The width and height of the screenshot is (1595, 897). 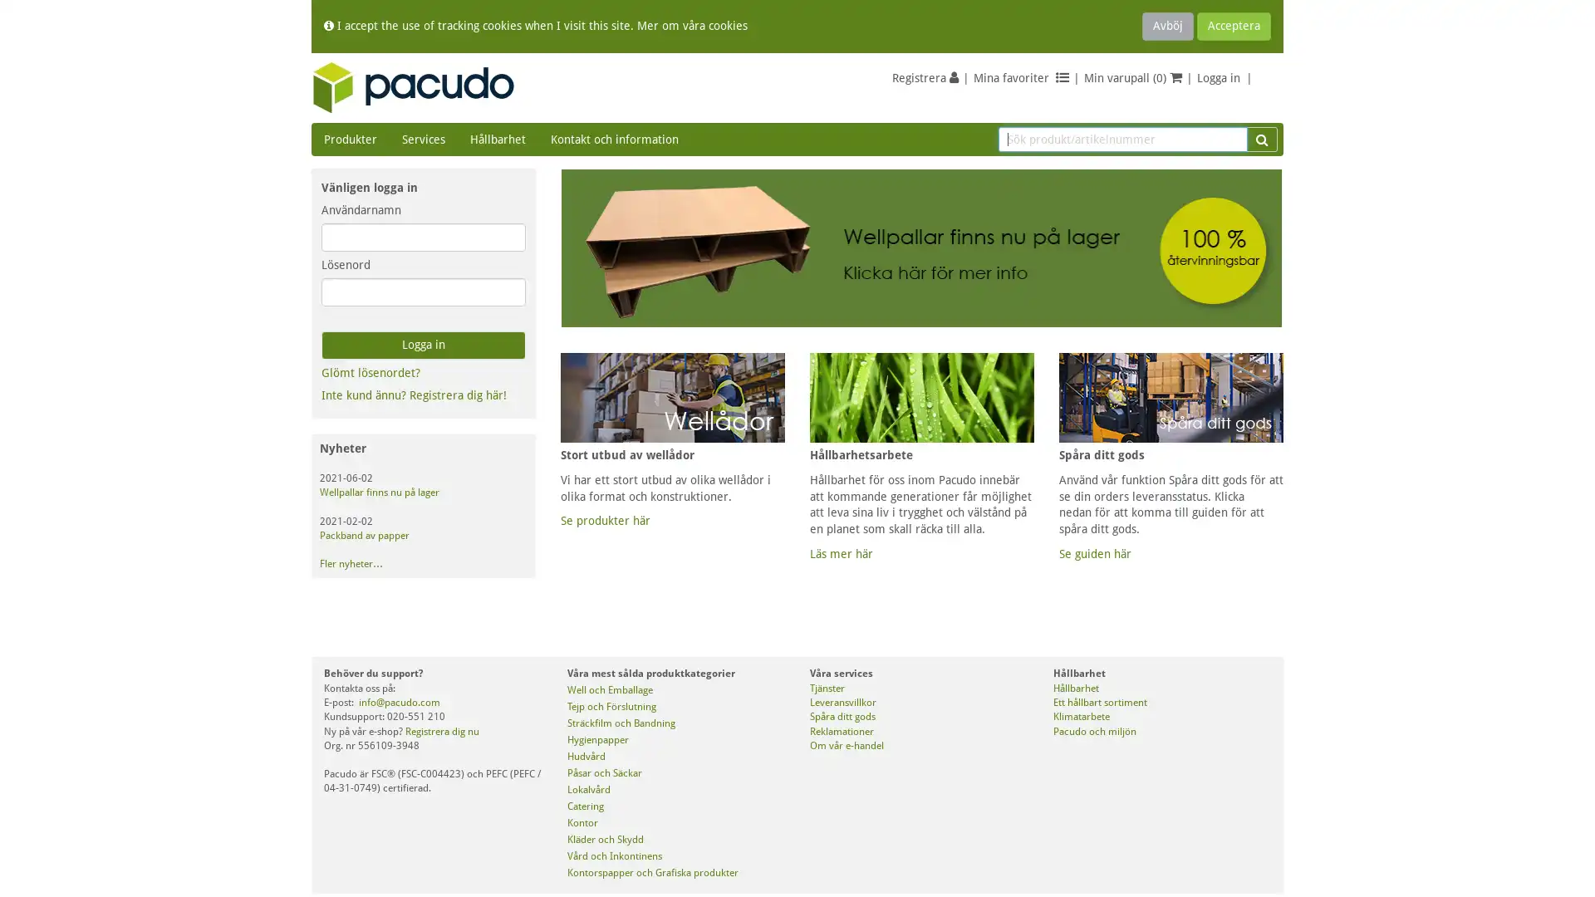 What do you see at coordinates (423, 345) in the screenshot?
I see `Logga in` at bounding box center [423, 345].